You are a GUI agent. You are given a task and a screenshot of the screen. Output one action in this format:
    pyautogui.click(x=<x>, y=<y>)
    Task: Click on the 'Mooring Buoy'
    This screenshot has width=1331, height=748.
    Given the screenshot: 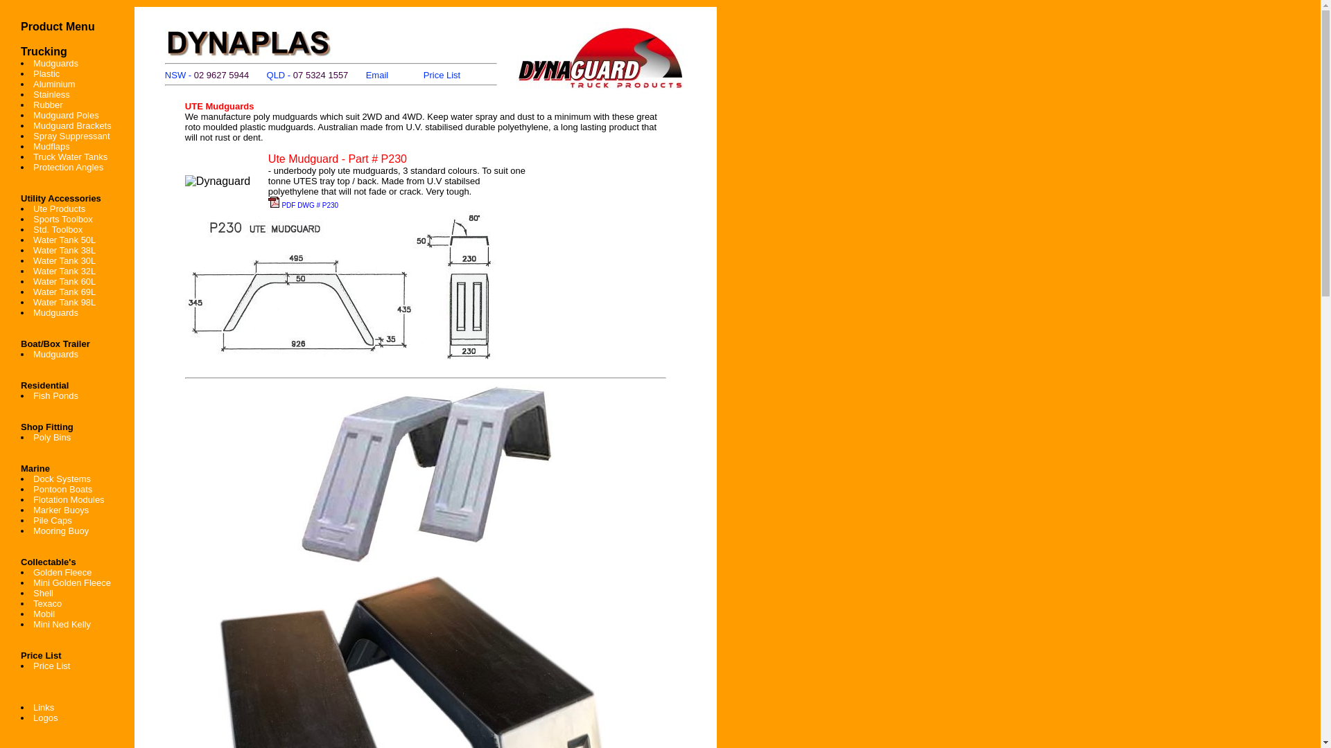 What is the action you would take?
    pyautogui.click(x=33, y=530)
    